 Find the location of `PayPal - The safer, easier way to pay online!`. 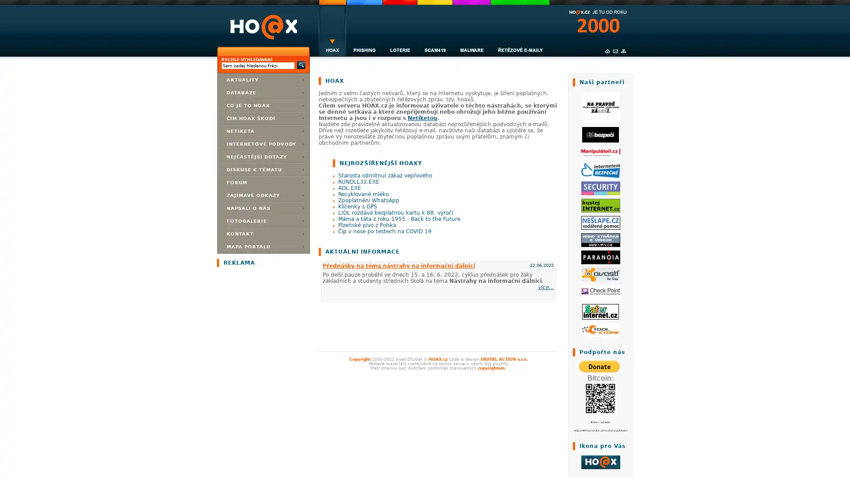

PayPal - The safer, easier way to pay online! is located at coordinates (599, 366).